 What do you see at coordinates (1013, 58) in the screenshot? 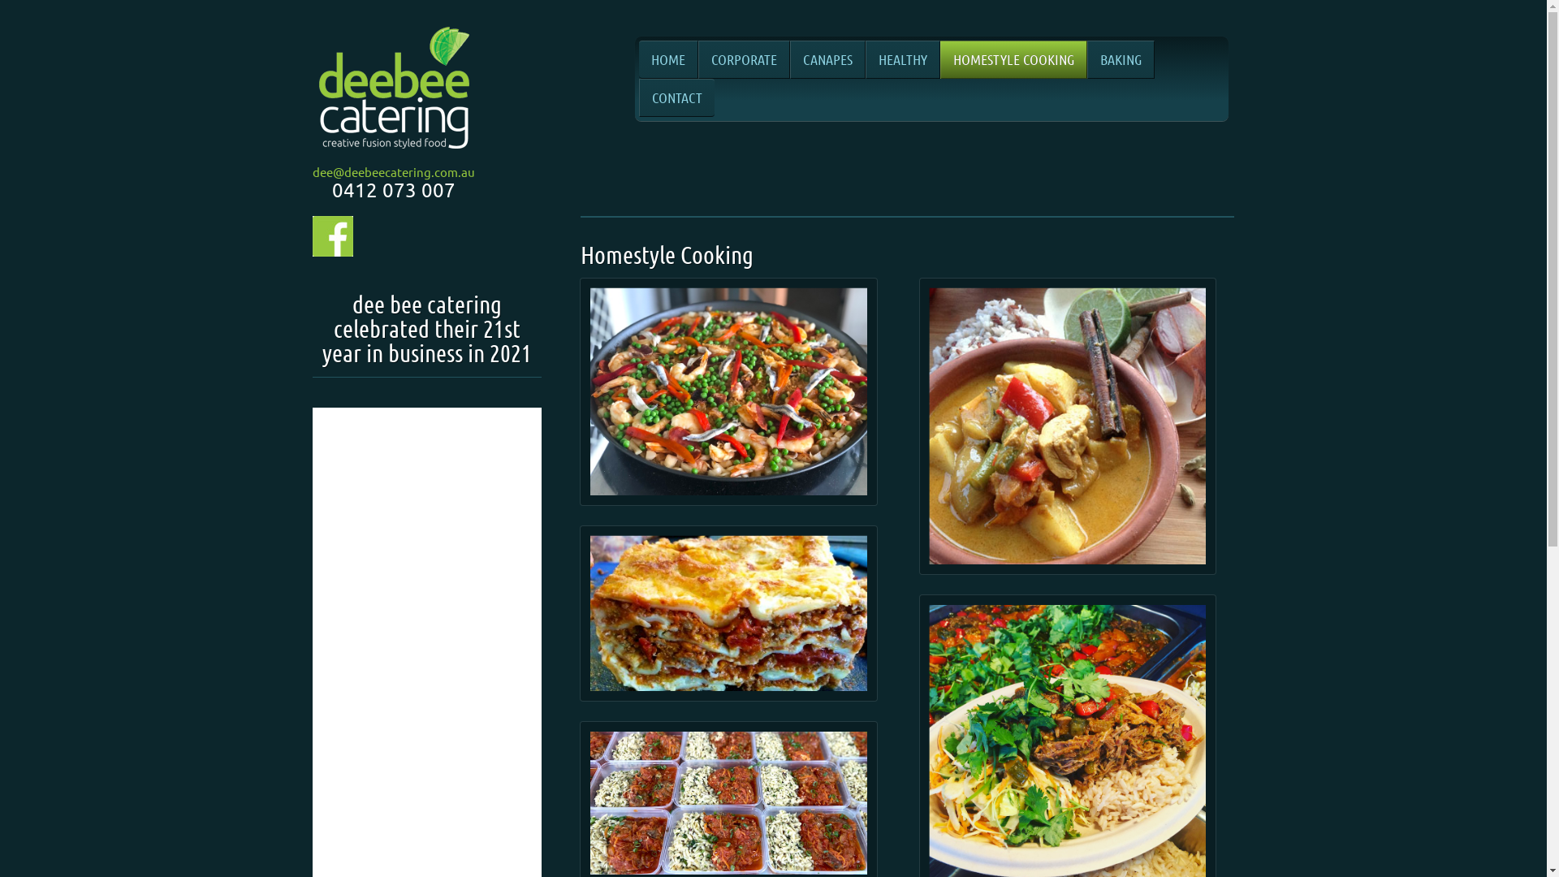
I see `'HOMESTYLE COOKING'` at bounding box center [1013, 58].